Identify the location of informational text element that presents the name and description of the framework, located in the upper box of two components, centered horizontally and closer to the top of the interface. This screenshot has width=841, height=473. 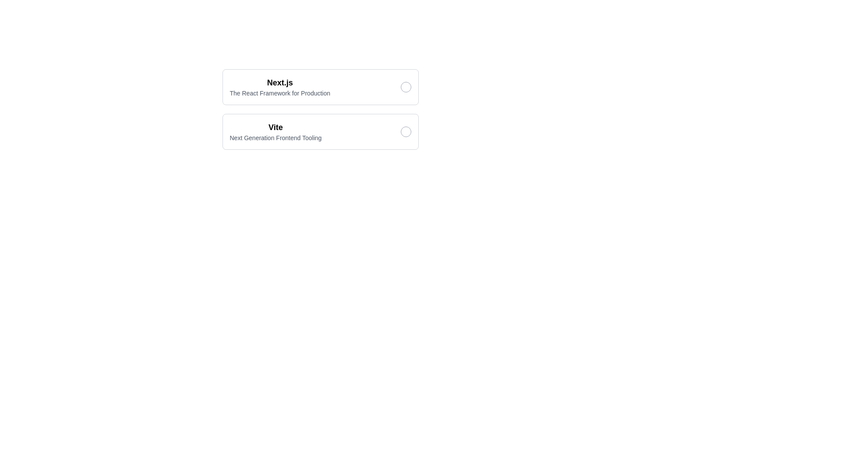
(279, 87).